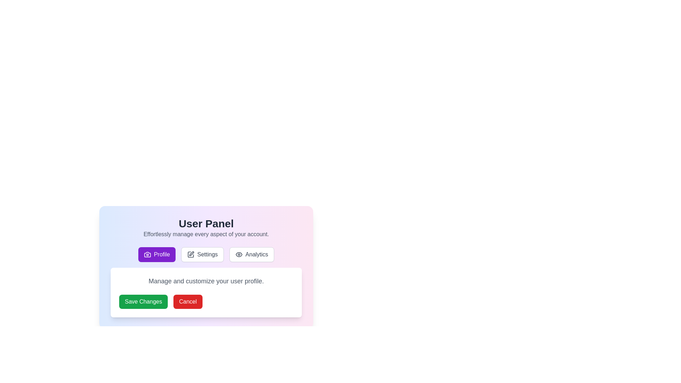  Describe the element at coordinates (156, 254) in the screenshot. I see `the Profile tab` at that location.